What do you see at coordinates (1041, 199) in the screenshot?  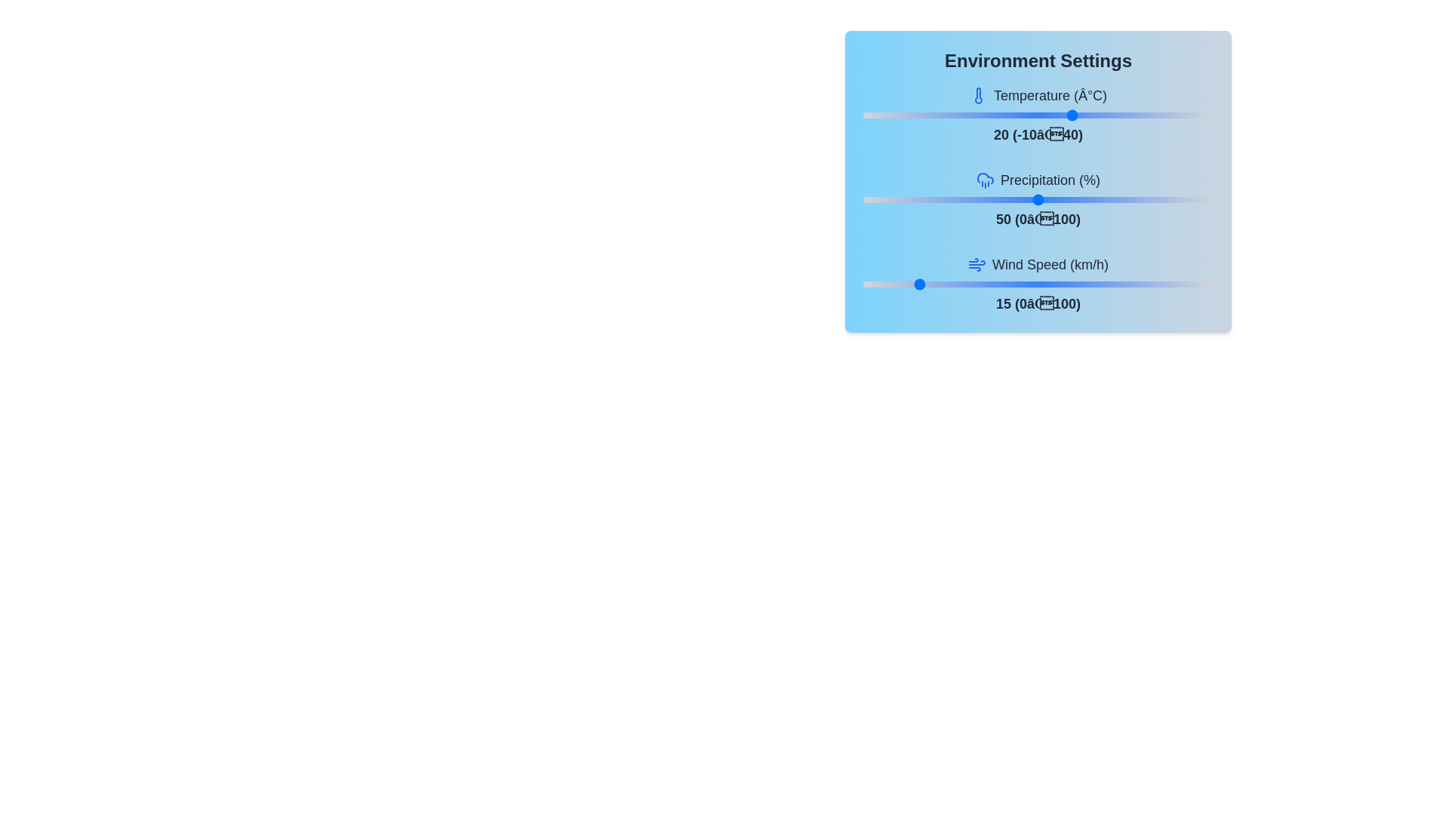 I see `the precipitation` at bounding box center [1041, 199].